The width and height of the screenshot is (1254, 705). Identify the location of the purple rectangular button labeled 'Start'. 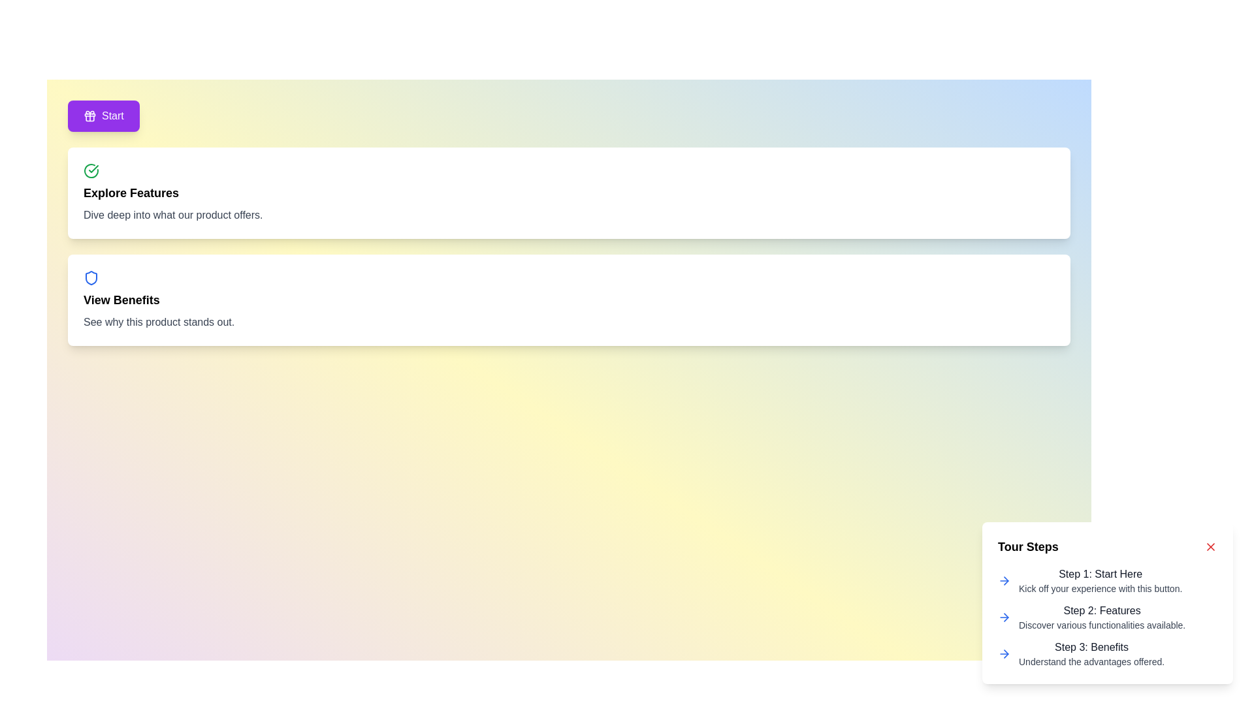
(103, 115).